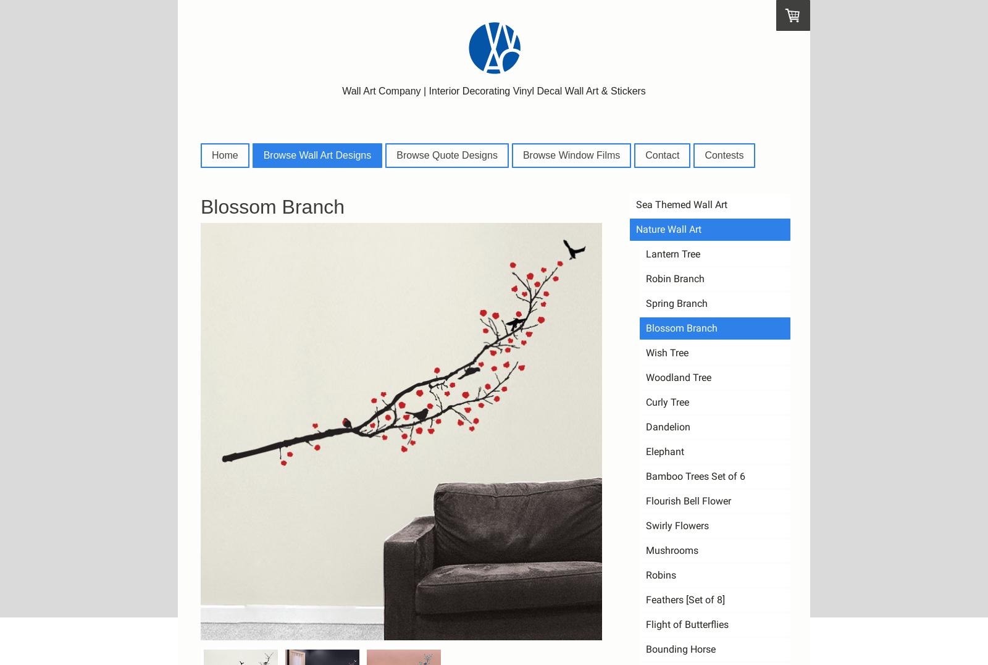 Image resolution: width=988 pixels, height=665 pixels. Describe the element at coordinates (667, 401) in the screenshot. I see `'Curly Tree'` at that location.